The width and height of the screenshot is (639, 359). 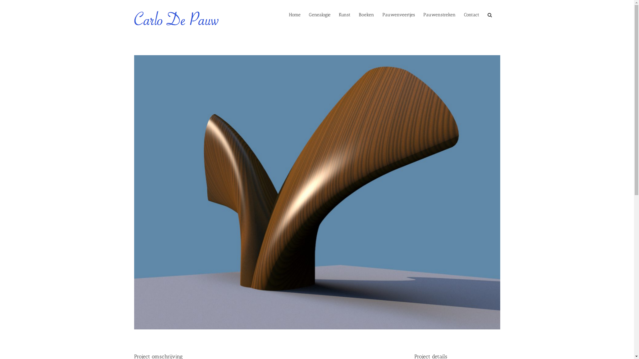 I want to click on 'Pauwenveertjes', so click(x=398, y=14).